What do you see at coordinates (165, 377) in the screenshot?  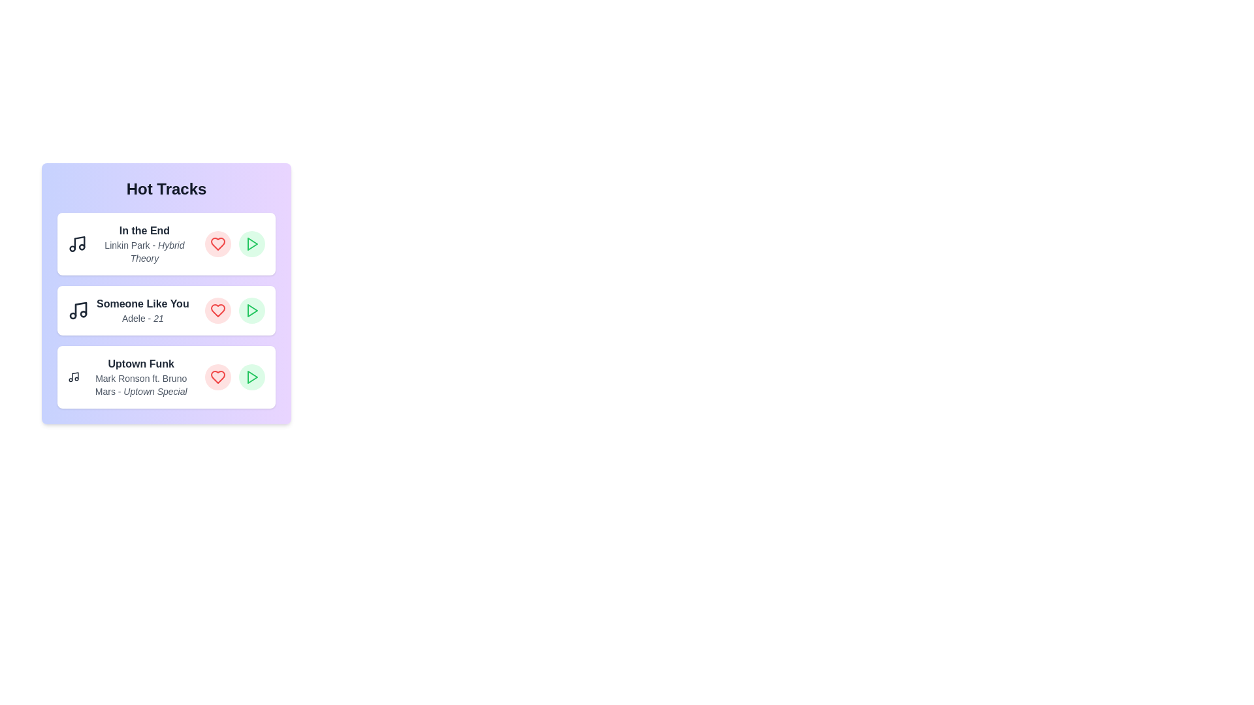 I see `the track titled 'Uptown Funk' to highlight it` at bounding box center [165, 377].